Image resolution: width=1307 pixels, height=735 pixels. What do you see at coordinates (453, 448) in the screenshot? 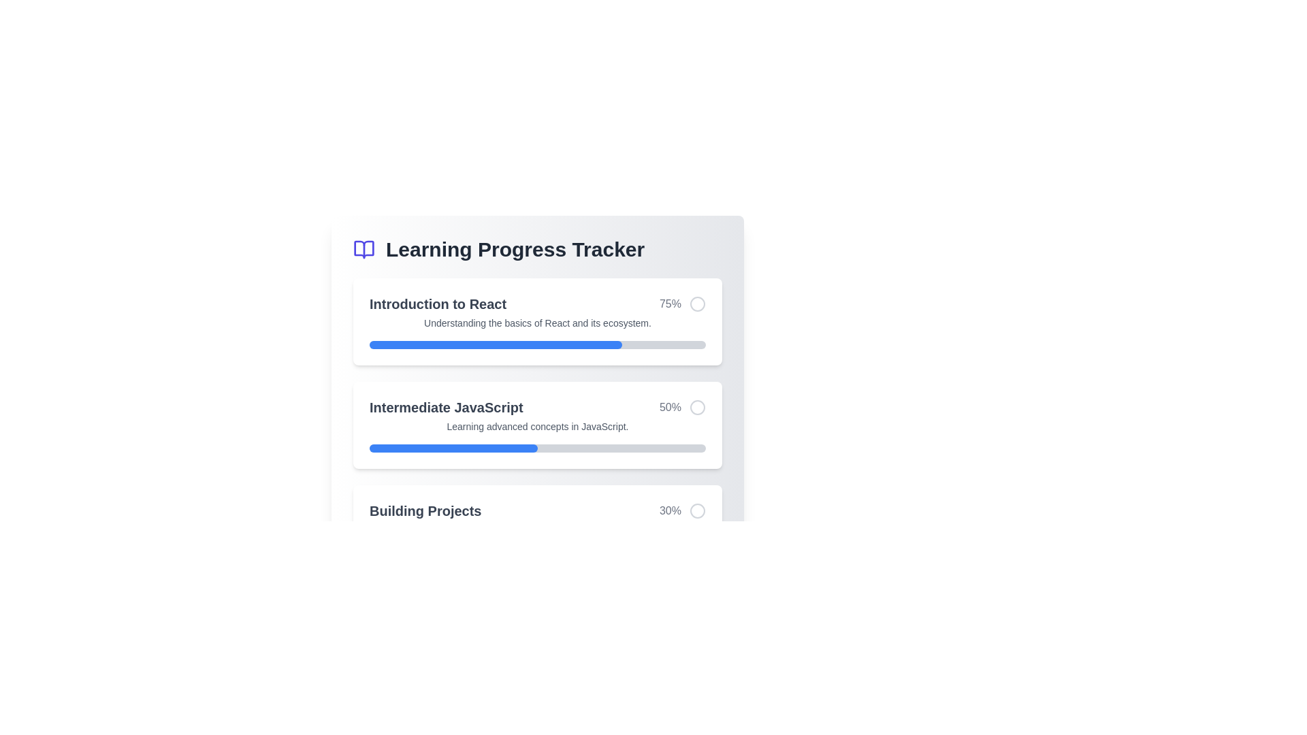
I see `the progress indicator bar labeled 'Intermediate JavaScript', which visually represents a completion percentage of 50% and is located below the 'Introduction to React' progress bar` at bounding box center [453, 448].